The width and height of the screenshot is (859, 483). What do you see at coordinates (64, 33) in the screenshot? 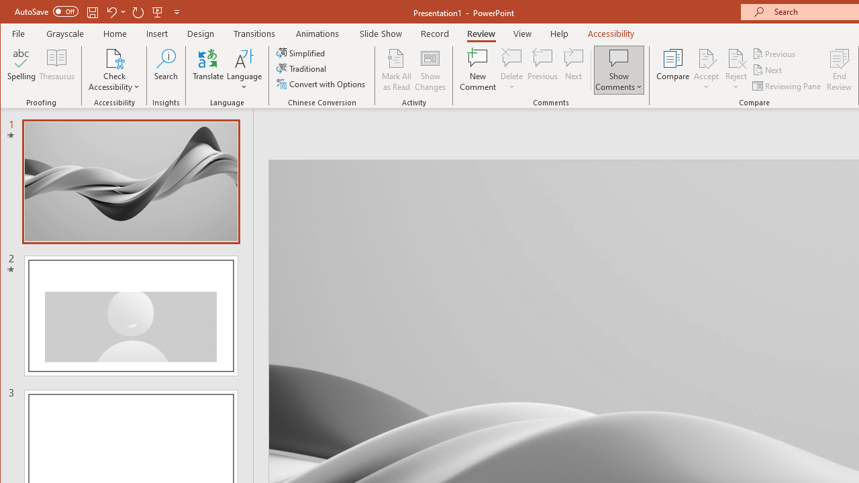
I see `'Grayscale'` at bounding box center [64, 33].